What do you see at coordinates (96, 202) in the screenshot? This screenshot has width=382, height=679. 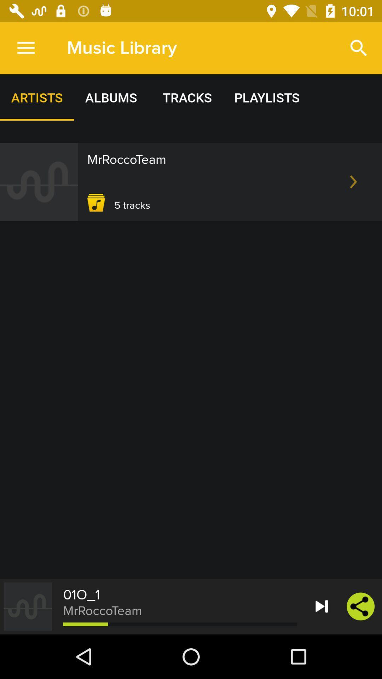 I see `the icon left to 5 tracks` at bounding box center [96, 202].